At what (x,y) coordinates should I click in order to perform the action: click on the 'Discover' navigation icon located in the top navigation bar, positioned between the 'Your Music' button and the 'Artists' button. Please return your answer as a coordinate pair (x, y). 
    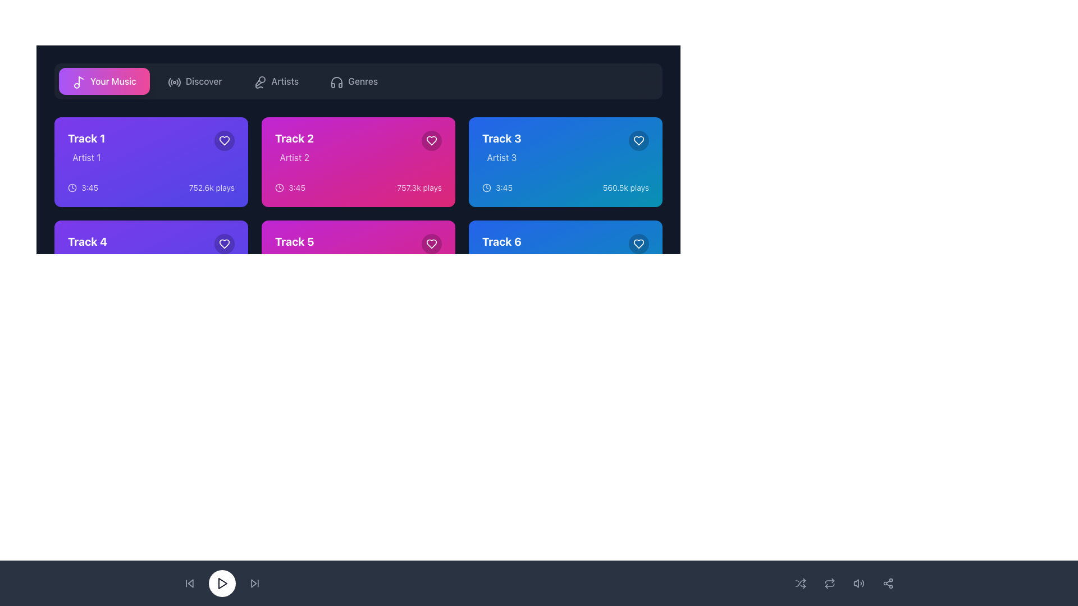
    Looking at the image, I should click on (172, 81).